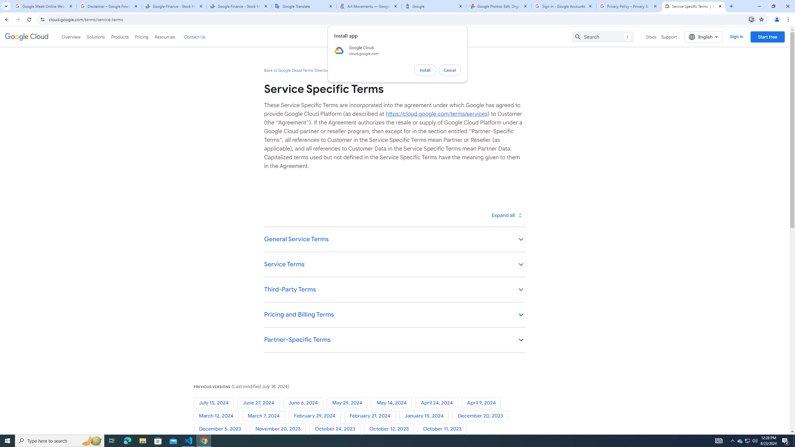  I want to click on 'October 11, 2023', so click(443, 429).